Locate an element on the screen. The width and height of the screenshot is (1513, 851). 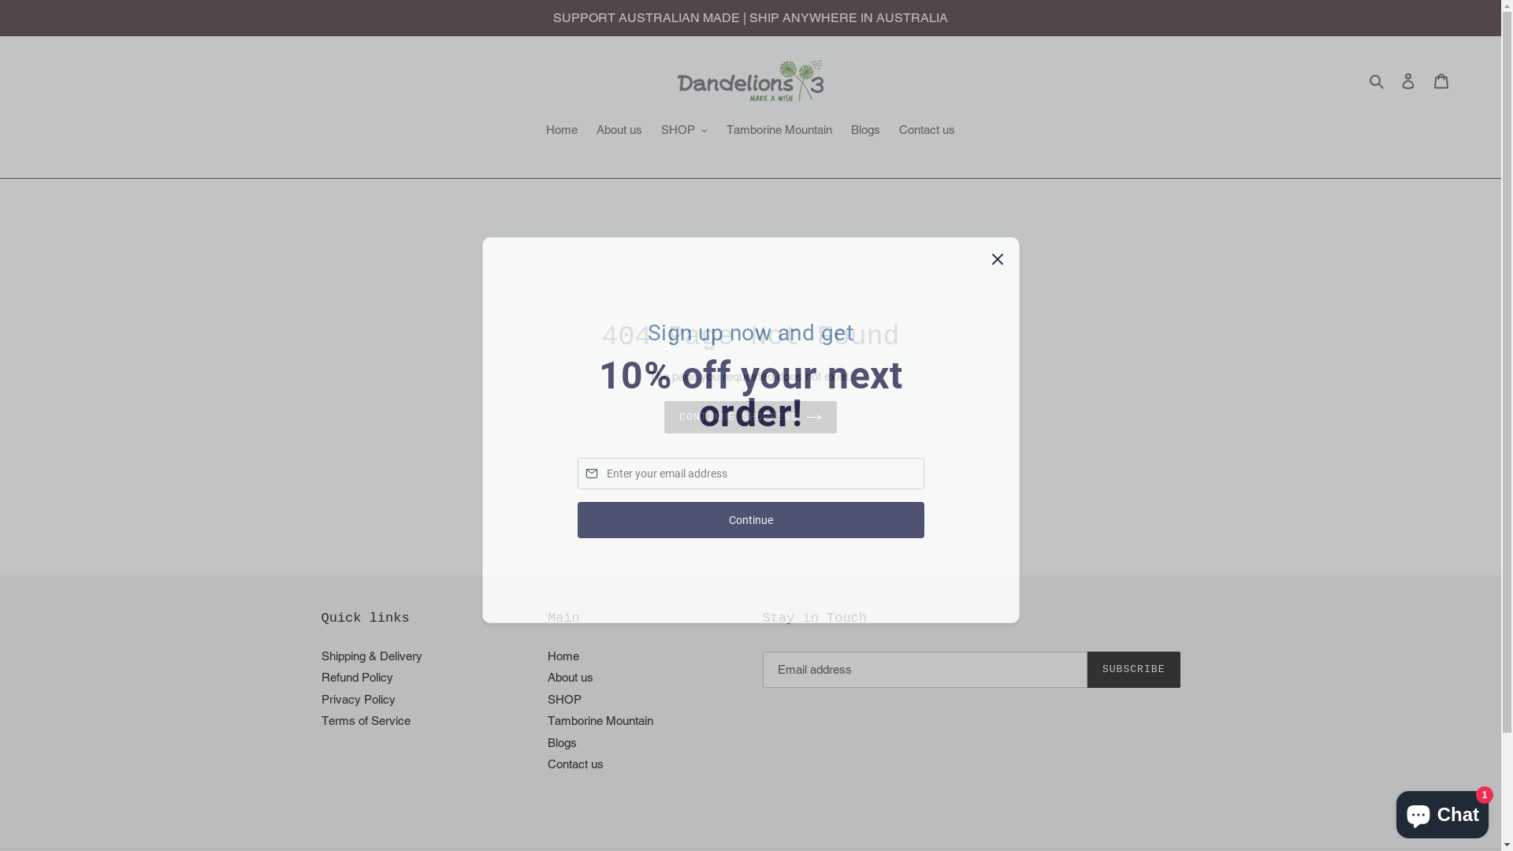
'Contact us' is located at coordinates (927, 130).